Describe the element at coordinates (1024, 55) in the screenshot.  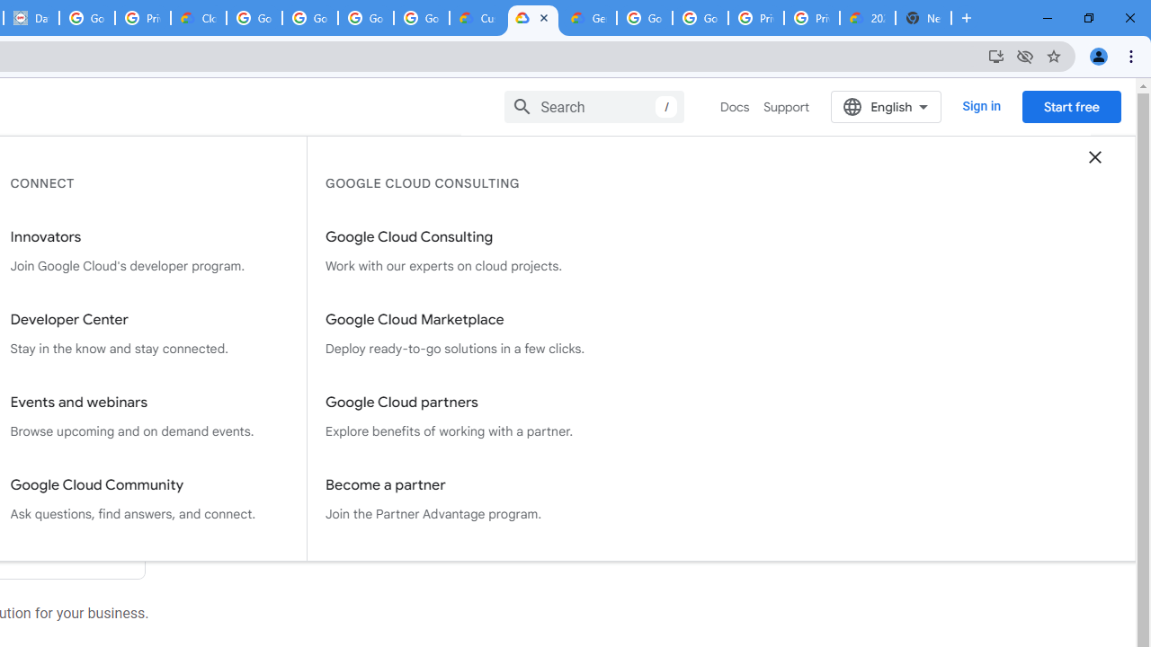
I see `'Third-party cookies blocked'` at that location.